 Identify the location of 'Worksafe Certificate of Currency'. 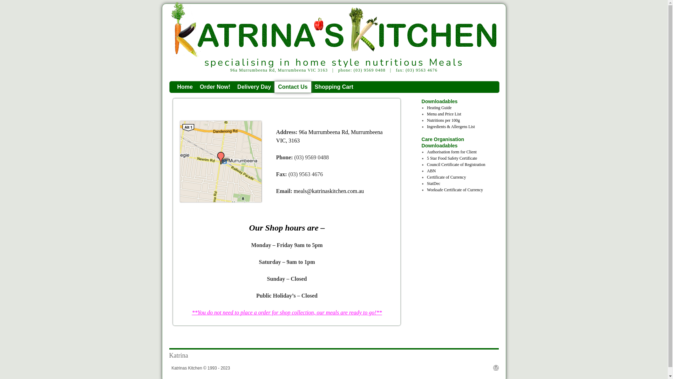
(455, 189).